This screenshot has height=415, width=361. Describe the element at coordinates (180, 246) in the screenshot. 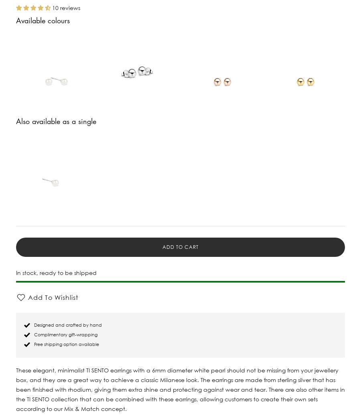

I see `'Add to cart'` at that location.